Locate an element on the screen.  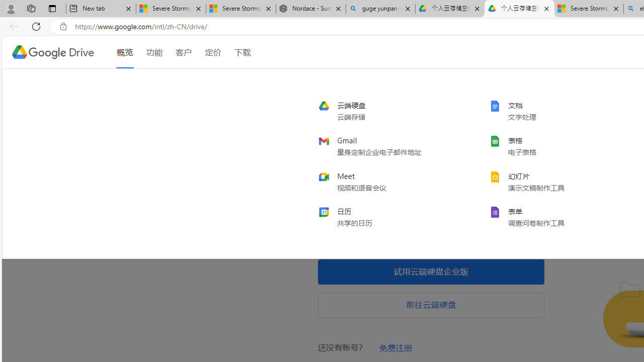
'meet' is located at coordinates (385, 182).